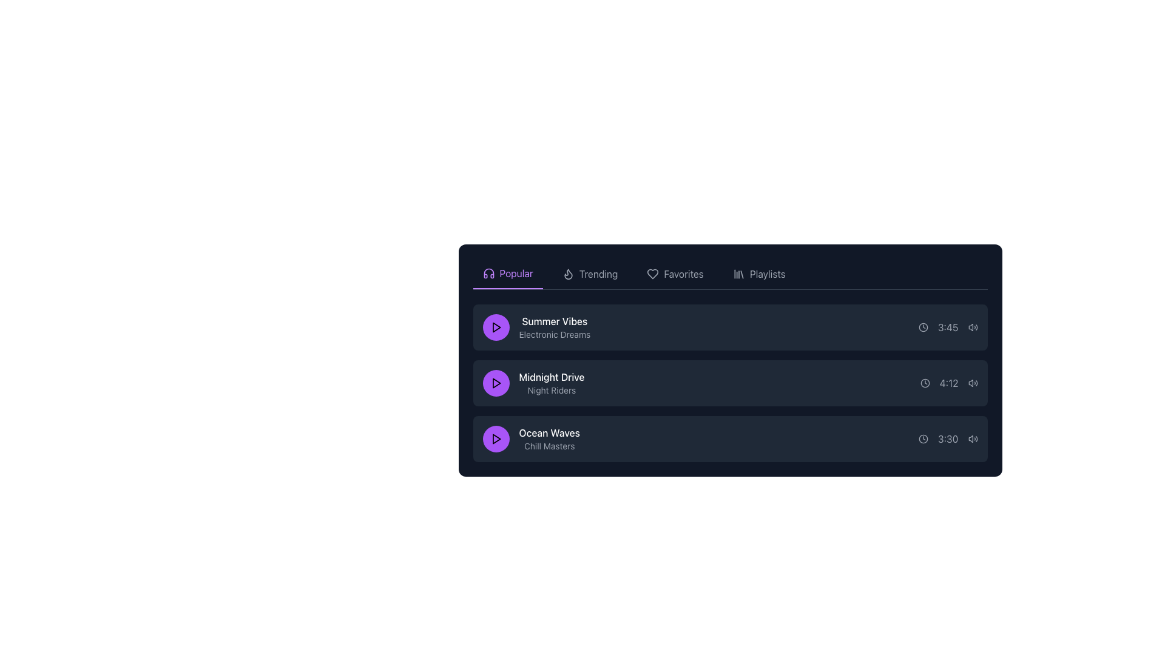 The width and height of the screenshot is (1165, 655). I want to click on the heart-shaped icon located in the top navigation bar, so click(652, 274).